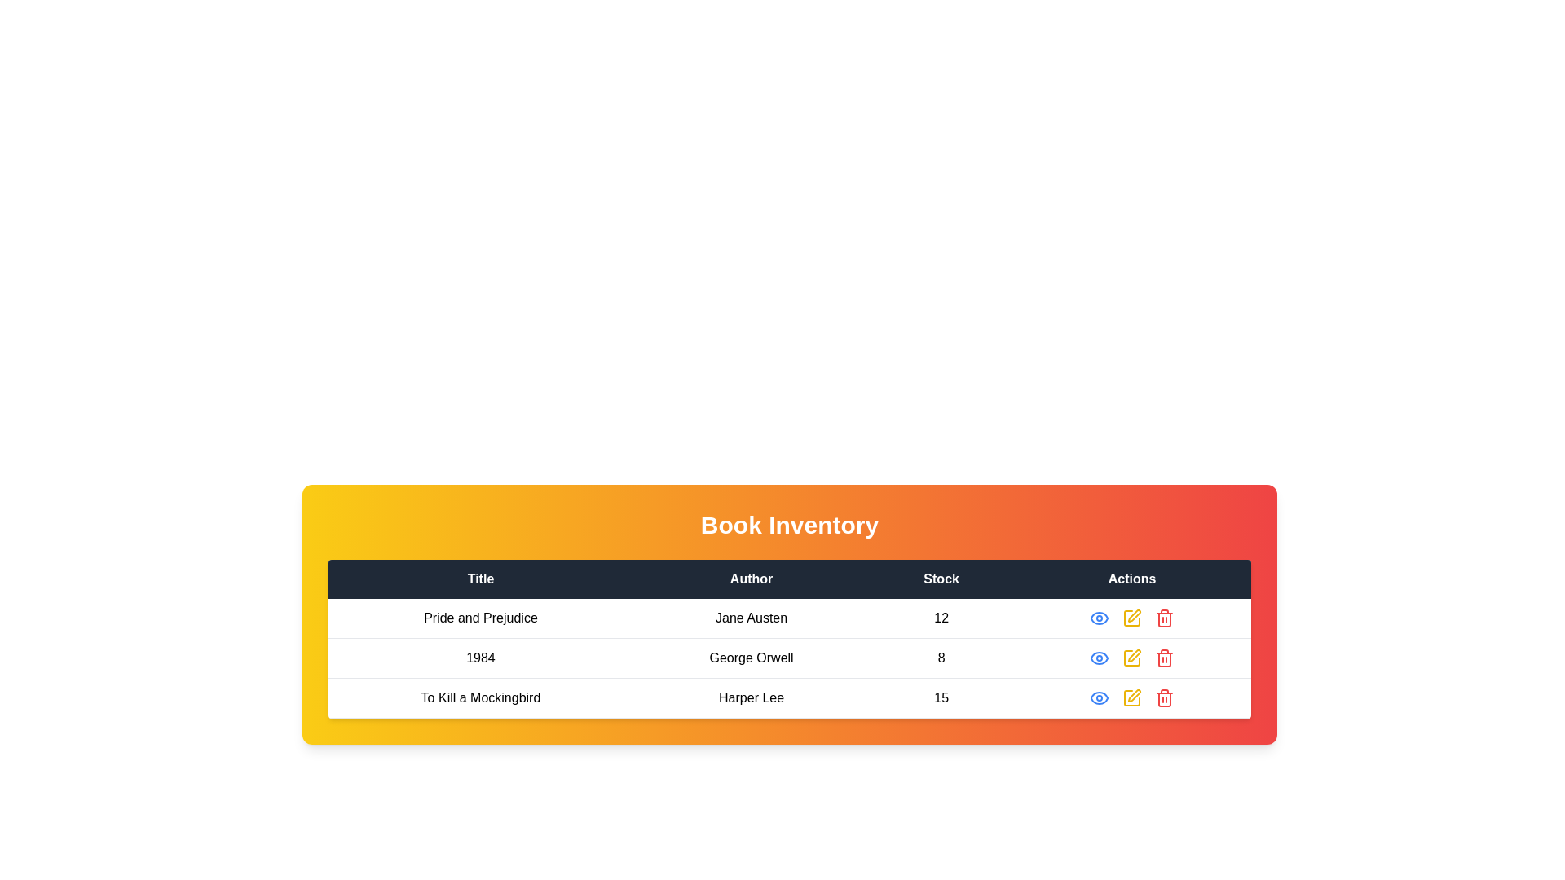  Describe the element at coordinates (941, 697) in the screenshot. I see `the static text display showing the stock count for 'To Kill a Mockingbird' in the inventory, located in the third row and third column of the tabular interface` at that location.